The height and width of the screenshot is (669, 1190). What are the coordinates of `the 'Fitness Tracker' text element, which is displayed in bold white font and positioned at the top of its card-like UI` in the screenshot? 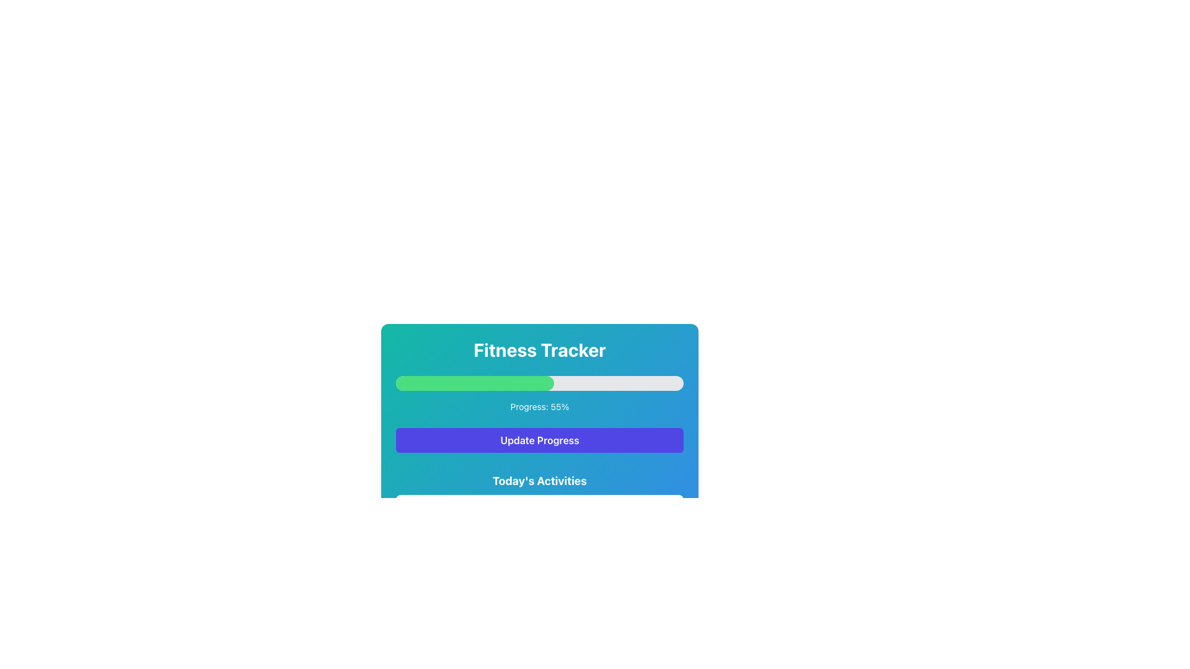 It's located at (539, 349).